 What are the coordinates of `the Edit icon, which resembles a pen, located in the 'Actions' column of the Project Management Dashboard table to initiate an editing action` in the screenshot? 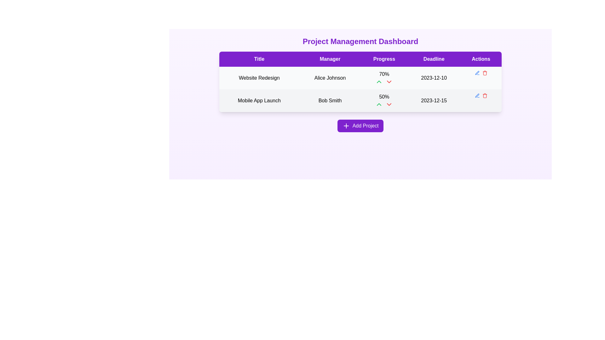 It's located at (477, 95).